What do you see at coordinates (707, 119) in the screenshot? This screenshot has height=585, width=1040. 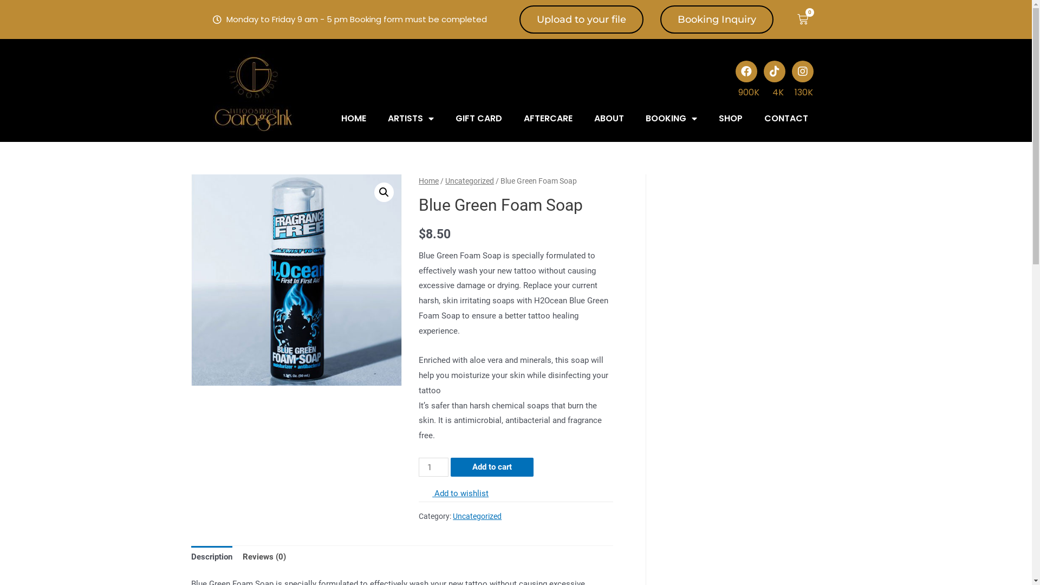 I see `'SHOP'` at bounding box center [707, 119].